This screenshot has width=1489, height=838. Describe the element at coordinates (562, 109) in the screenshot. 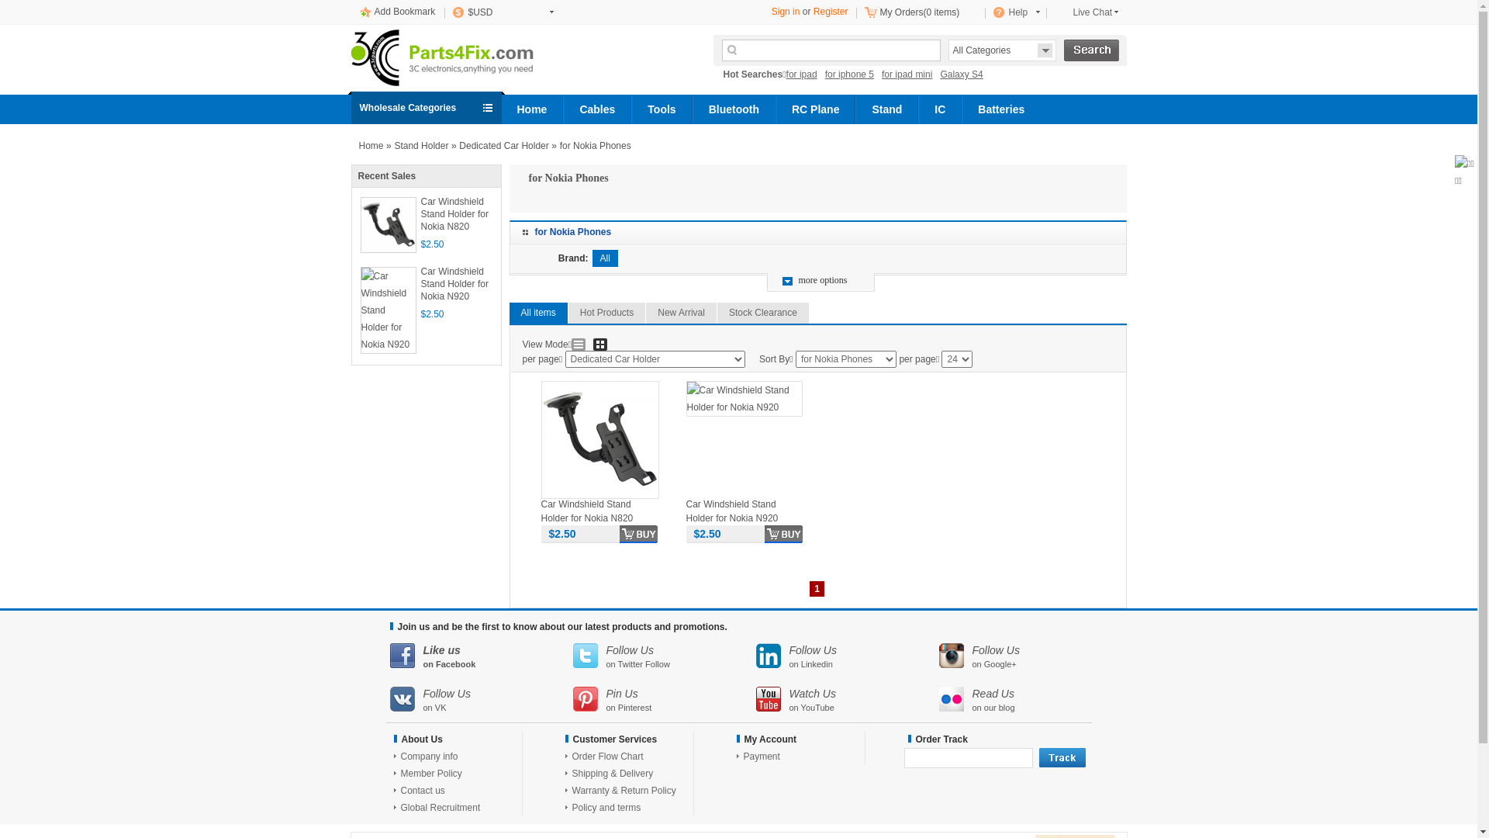

I see `'Cables'` at that location.